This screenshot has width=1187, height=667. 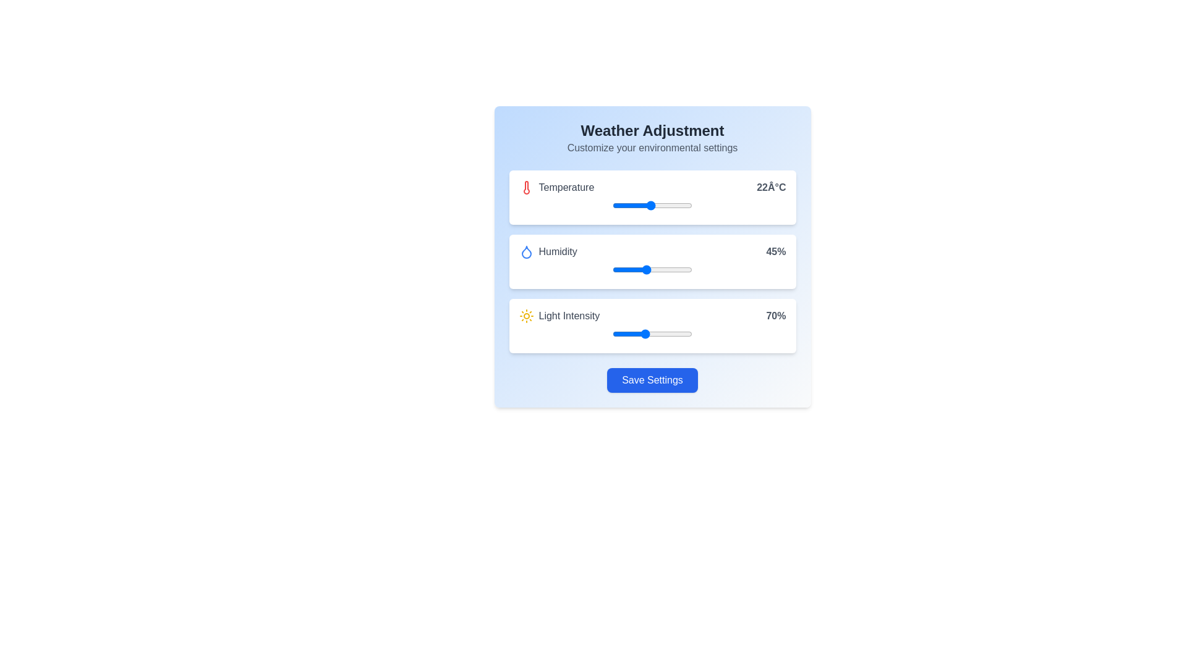 What do you see at coordinates (690, 333) in the screenshot?
I see `the light intensity` at bounding box center [690, 333].